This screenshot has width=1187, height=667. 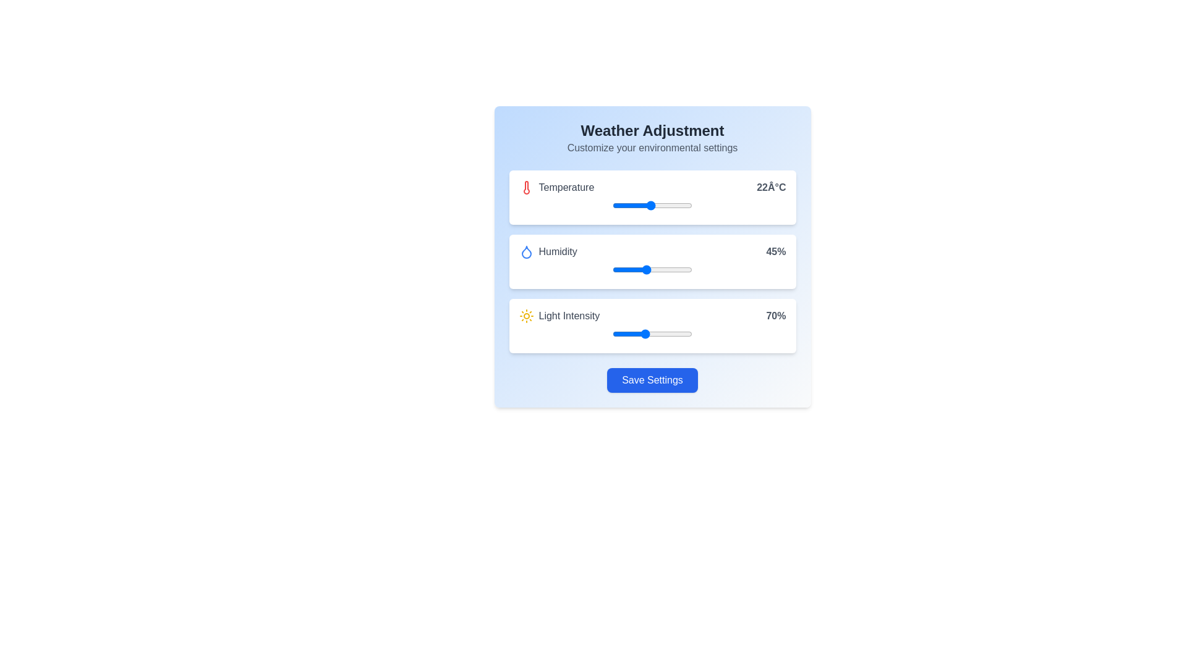 What do you see at coordinates (690, 333) in the screenshot?
I see `the light intensity` at bounding box center [690, 333].